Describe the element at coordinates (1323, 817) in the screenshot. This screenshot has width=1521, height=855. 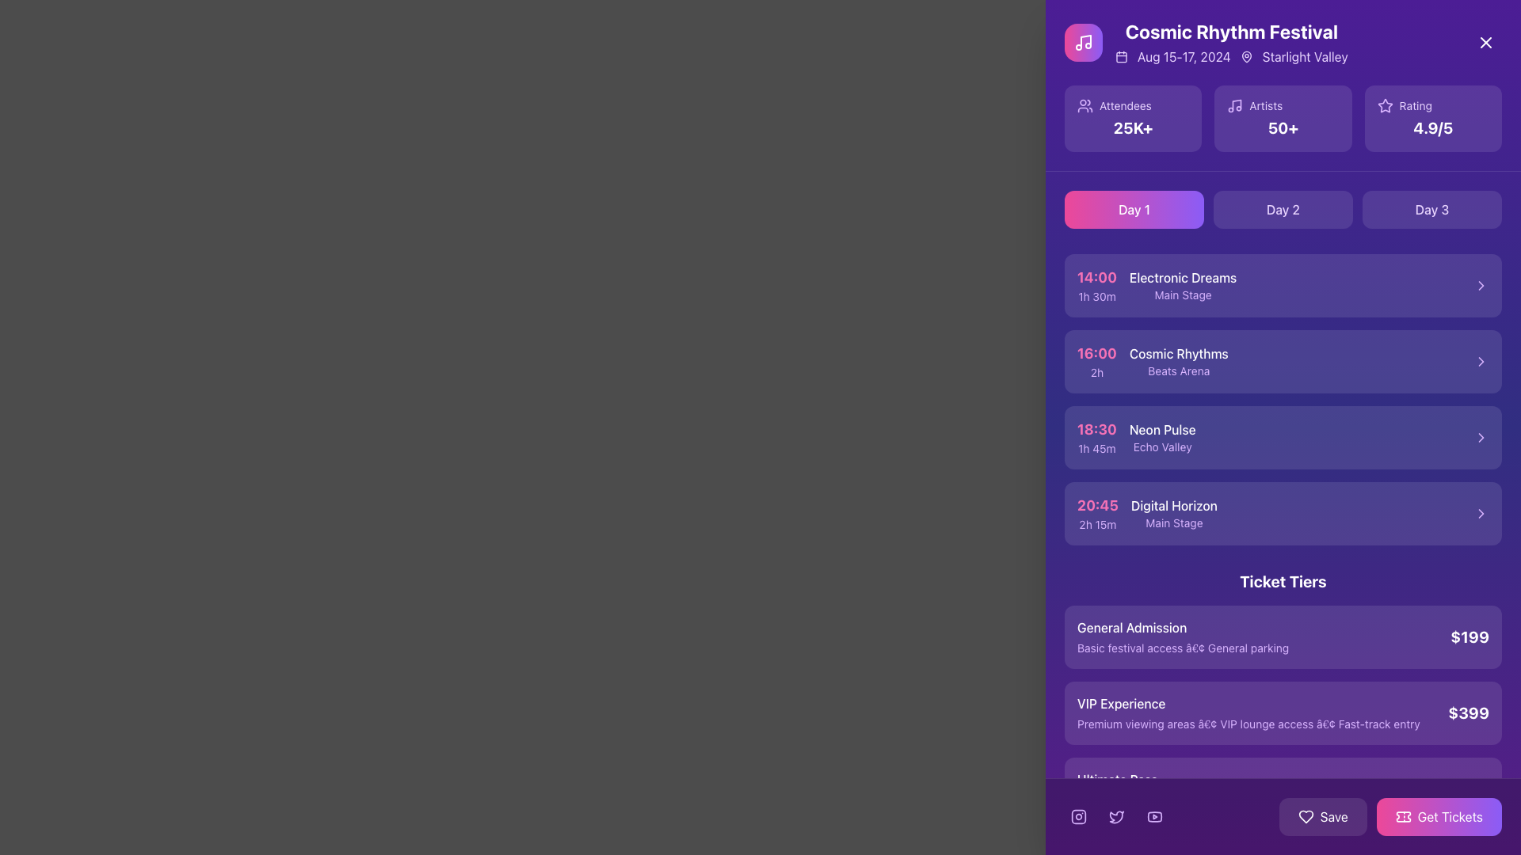
I see `the leftmost button used to save or bookmark an item for keyboard navigation` at that location.